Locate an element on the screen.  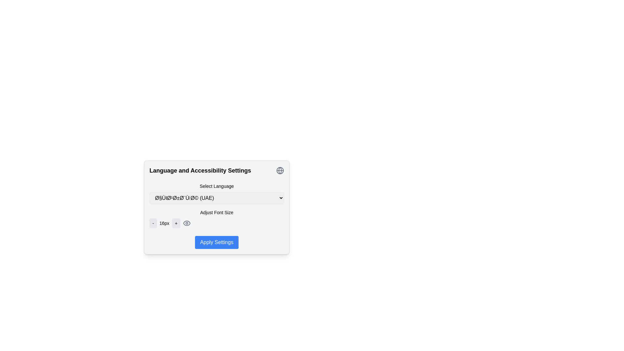
the outlined circle element that represents the circular boundary of the globe icon in the top-right corner of the settings interface is located at coordinates (280, 170).